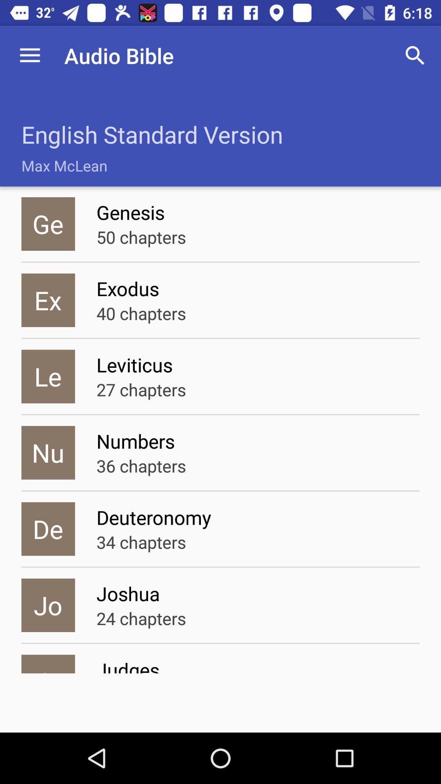 The width and height of the screenshot is (441, 784). What do you see at coordinates (29, 55) in the screenshot?
I see `the item next to the audio bible` at bounding box center [29, 55].